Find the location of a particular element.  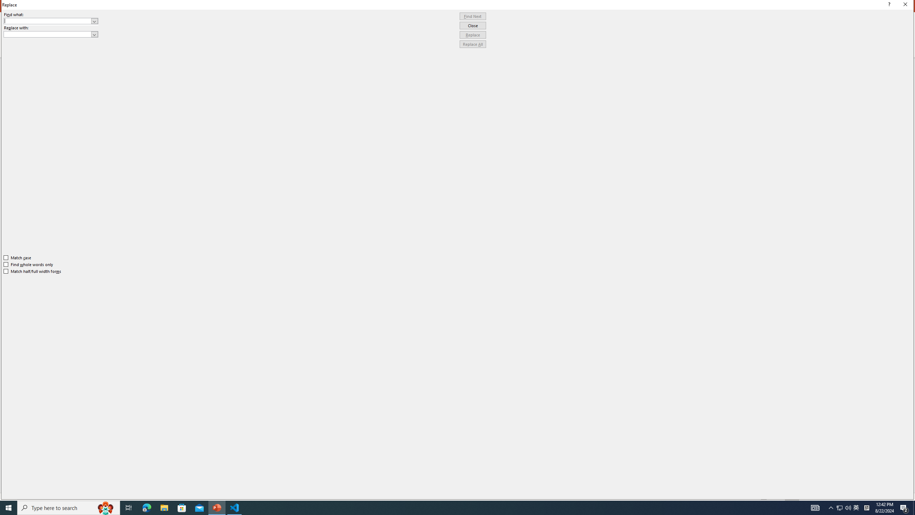

'Find what' is located at coordinates (51, 21).